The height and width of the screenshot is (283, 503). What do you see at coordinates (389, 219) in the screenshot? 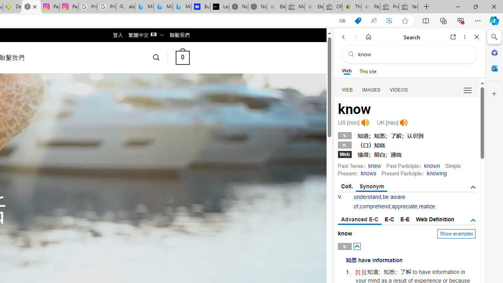
I see `'E-C'` at bounding box center [389, 219].